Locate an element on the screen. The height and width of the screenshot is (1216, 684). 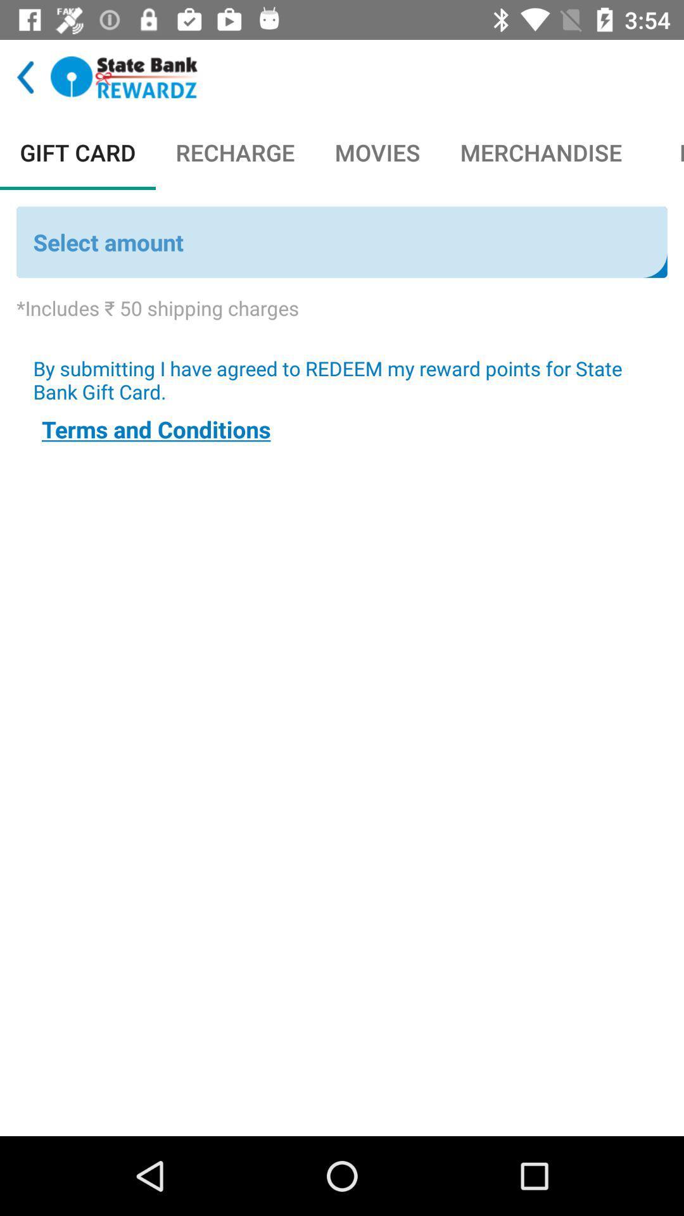
terms and conditions icon is located at coordinates (155, 429).